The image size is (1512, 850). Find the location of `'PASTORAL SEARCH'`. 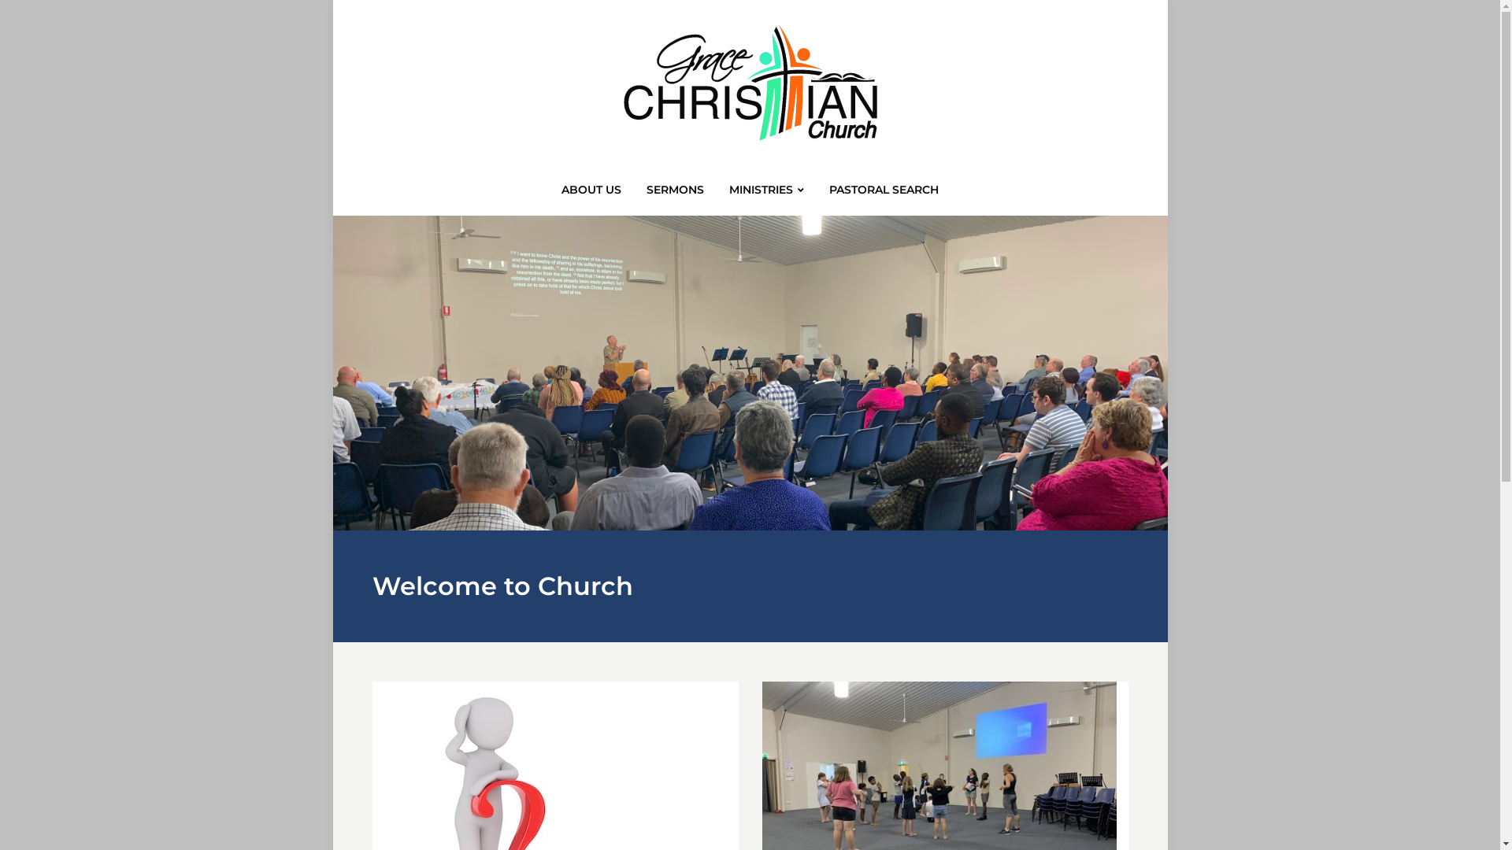

'PASTORAL SEARCH' is located at coordinates (825, 193).